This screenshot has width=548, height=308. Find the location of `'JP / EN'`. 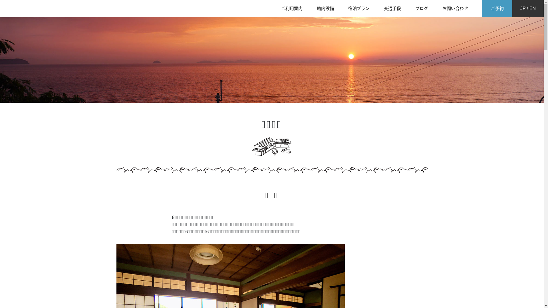

'JP / EN' is located at coordinates (527, 9).